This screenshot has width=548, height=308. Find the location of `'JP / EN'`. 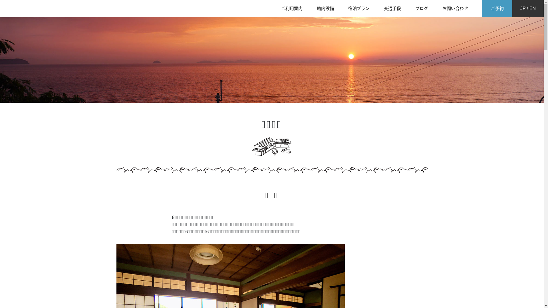

'JP / EN' is located at coordinates (527, 9).